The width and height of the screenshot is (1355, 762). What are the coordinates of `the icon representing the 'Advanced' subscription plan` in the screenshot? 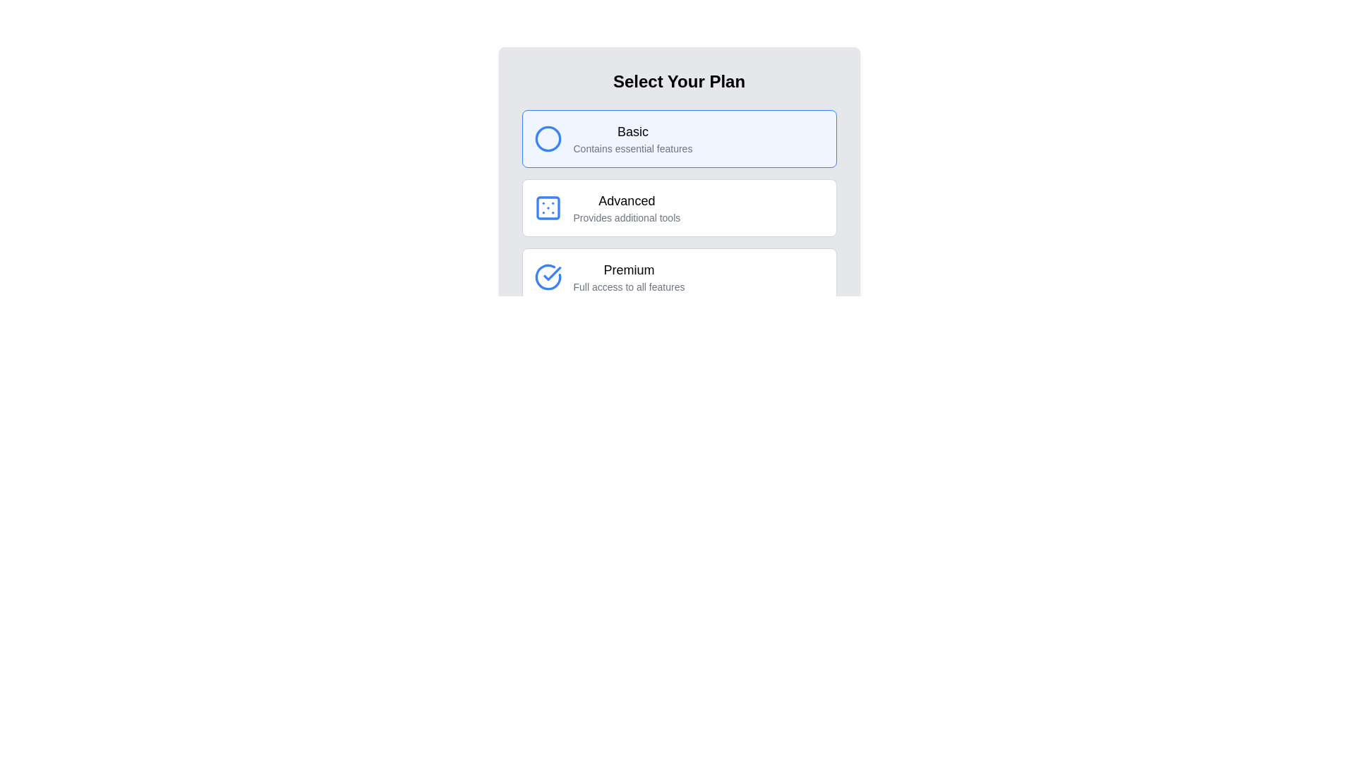 It's located at (547, 207).